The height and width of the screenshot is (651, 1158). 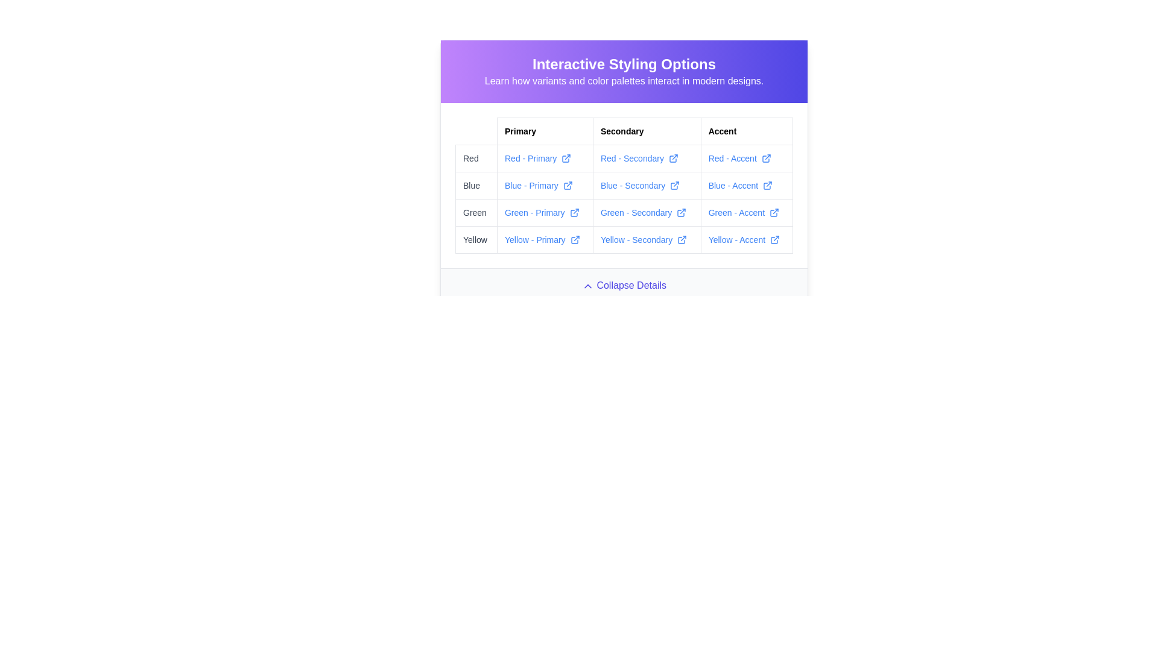 What do you see at coordinates (674, 186) in the screenshot?
I see `the external navigation icon located in the 'Secondary' column adjacent to the text 'Blue - Secondary' for information` at bounding box center [674, 186].